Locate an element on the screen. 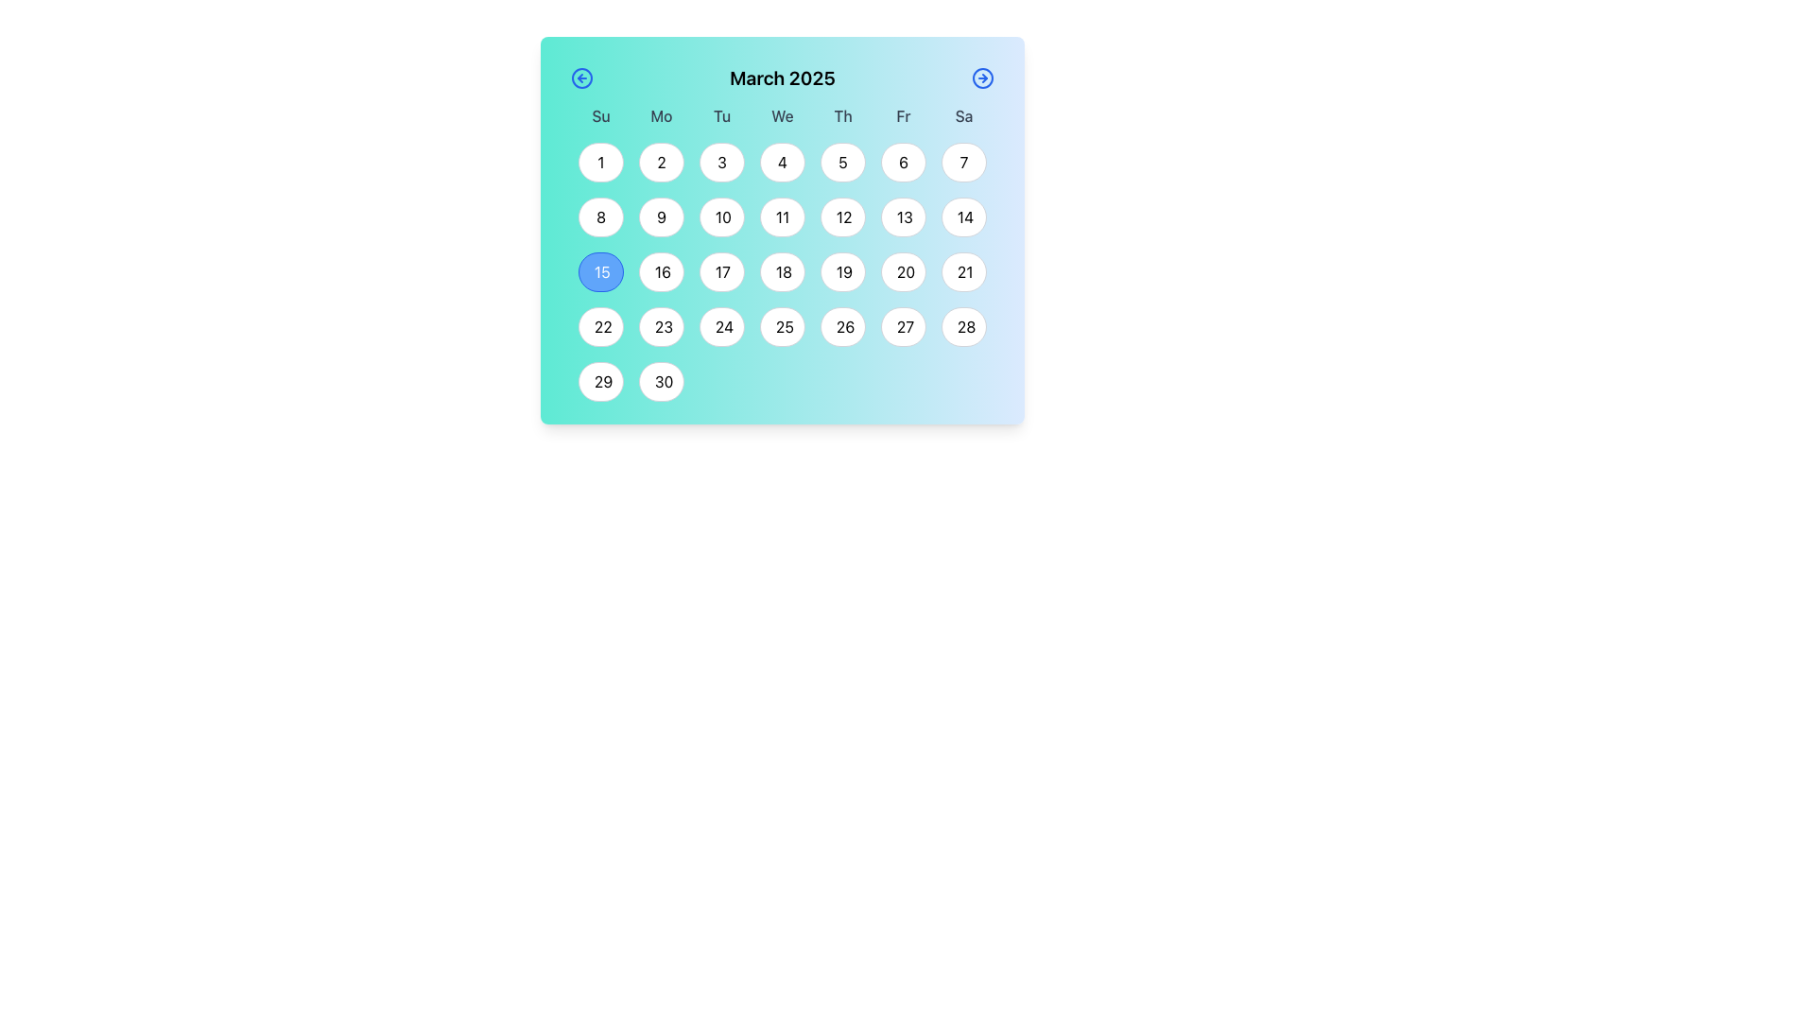  the circular button displaying the number '21' in the seventh column of the fourth row of the calendar grid for a visual effect is located at coordinates (963, 272).